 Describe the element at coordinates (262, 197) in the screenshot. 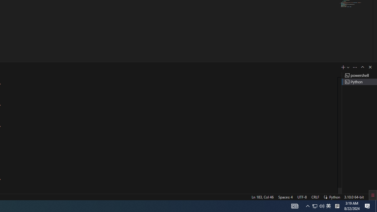

I see `'Ln 183, Col 46'` at that location.